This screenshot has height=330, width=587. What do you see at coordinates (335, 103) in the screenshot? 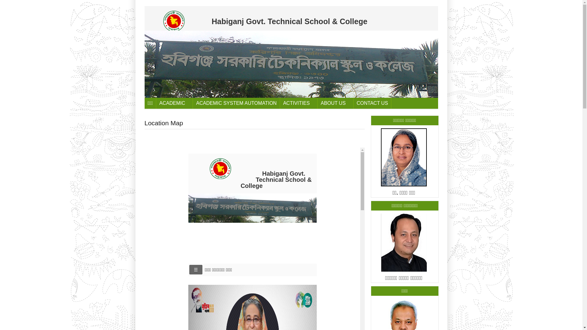
I see `'ABOUT US'` at bounding box center [335, 103].